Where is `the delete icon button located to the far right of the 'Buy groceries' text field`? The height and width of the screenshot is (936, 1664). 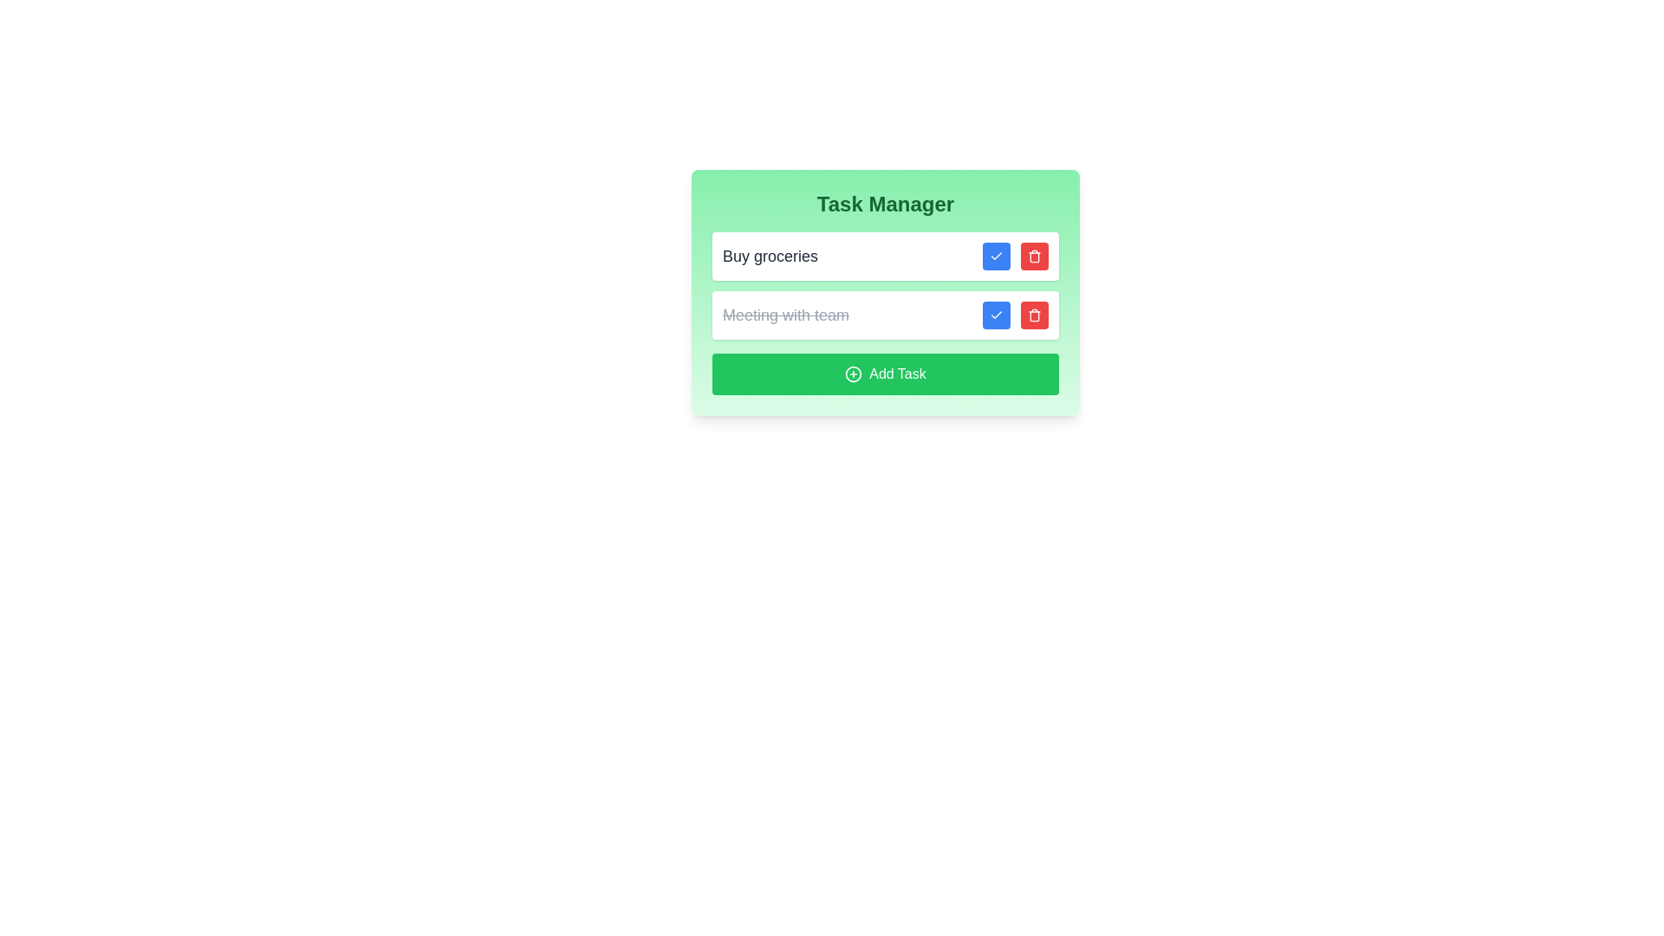 the delete icon button located to the far right of the 'Buy groceries' text field is located at coordinates (1035, 257).